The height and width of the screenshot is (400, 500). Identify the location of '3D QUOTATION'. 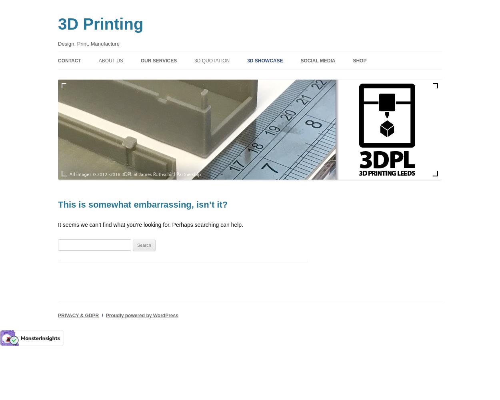
(212, 60).